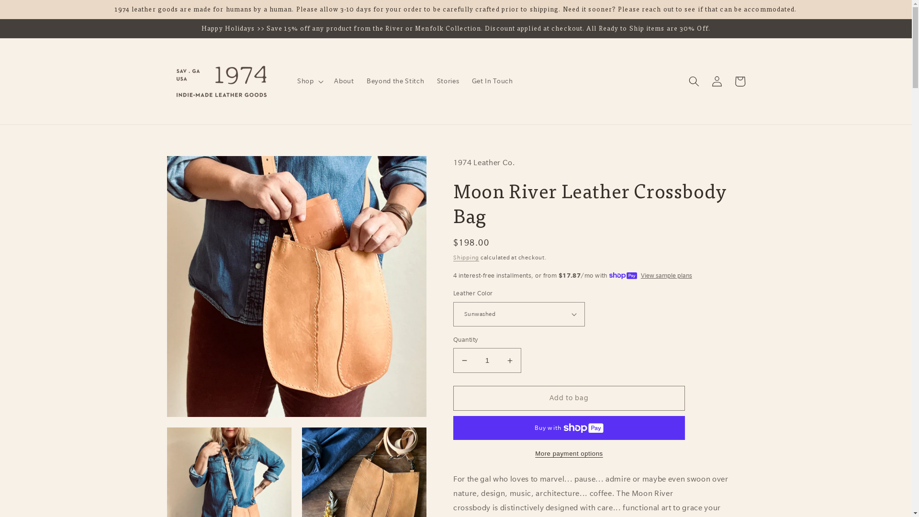  Describe the element at coordinates (197, 167) in the screenshot. I see `'Skip to product information'` at that location.